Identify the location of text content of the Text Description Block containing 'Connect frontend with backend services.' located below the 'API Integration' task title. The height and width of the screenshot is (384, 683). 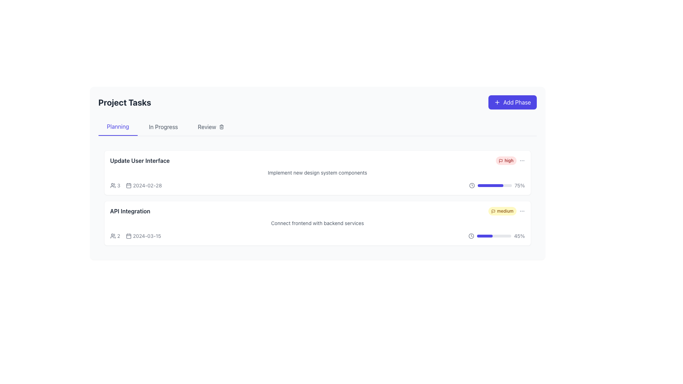
(317, 223).